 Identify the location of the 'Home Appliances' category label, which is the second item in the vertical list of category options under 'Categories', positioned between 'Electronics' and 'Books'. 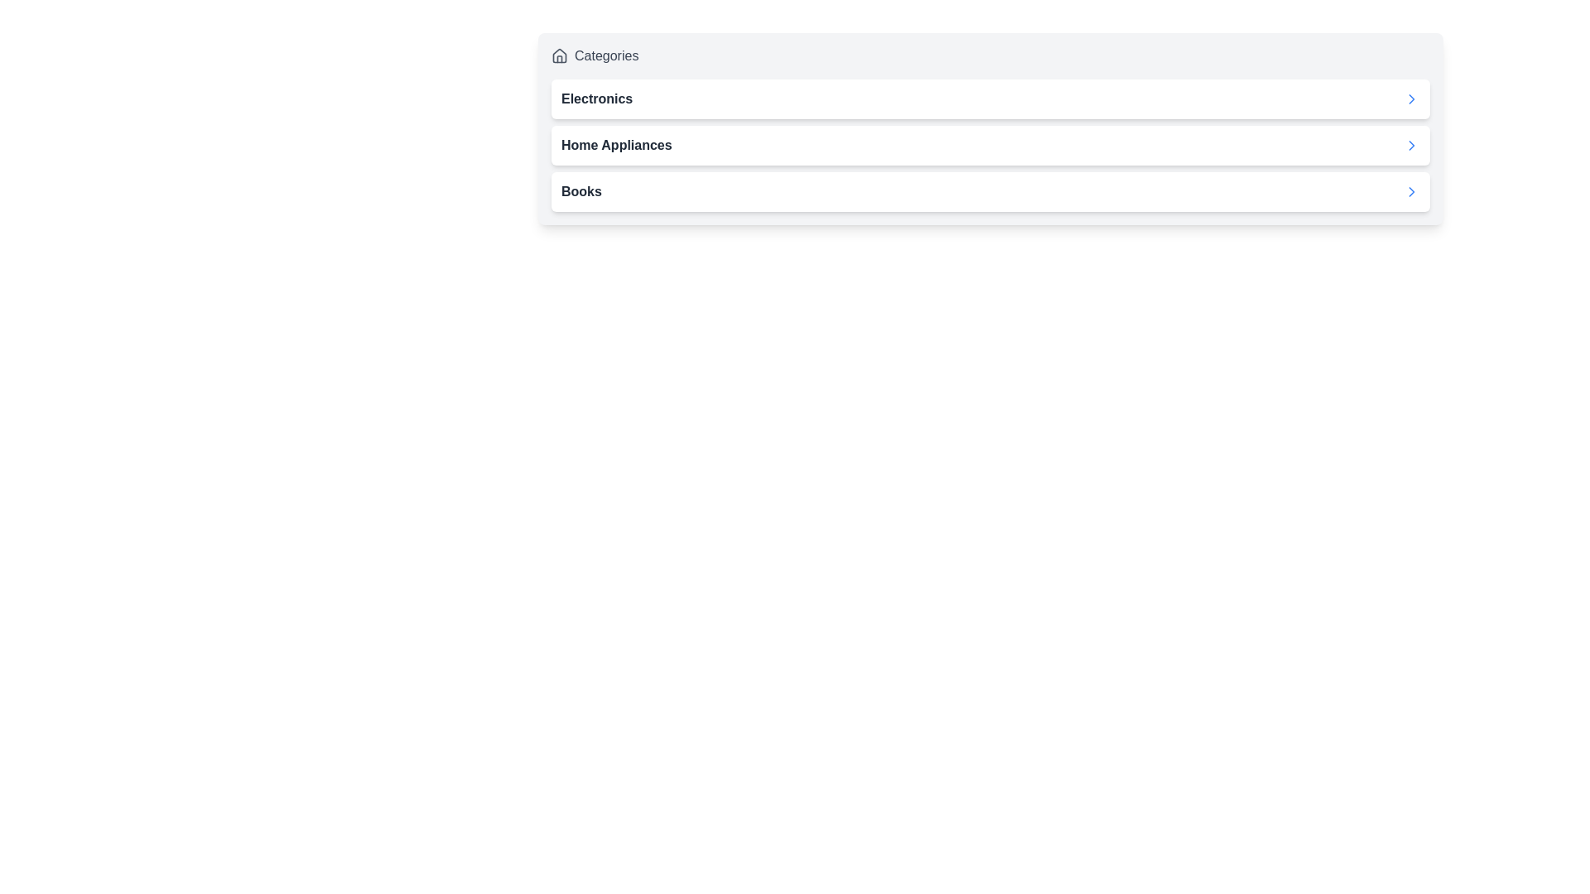
(615, 145).